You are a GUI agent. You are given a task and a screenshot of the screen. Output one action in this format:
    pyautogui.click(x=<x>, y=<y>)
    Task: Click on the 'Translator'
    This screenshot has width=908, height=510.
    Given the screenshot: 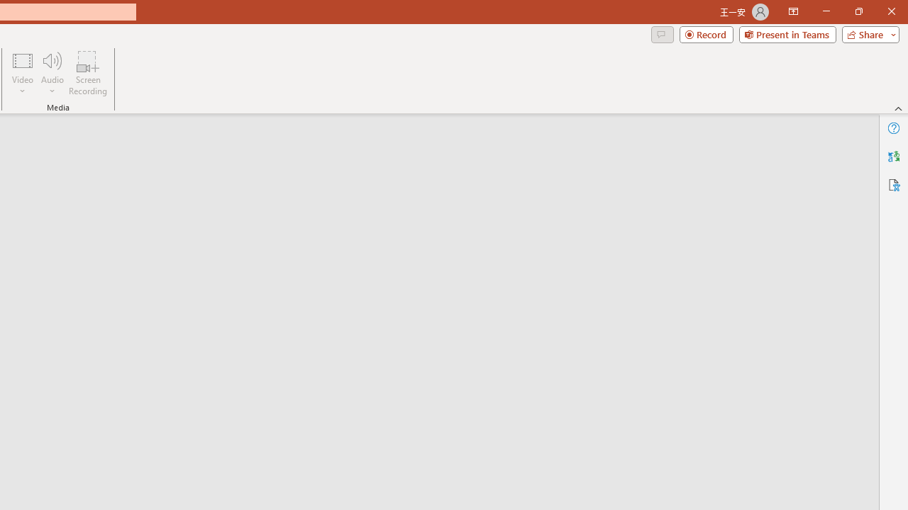 What is the action you would take?
    pyautogui.click(x=893, y=157)
    